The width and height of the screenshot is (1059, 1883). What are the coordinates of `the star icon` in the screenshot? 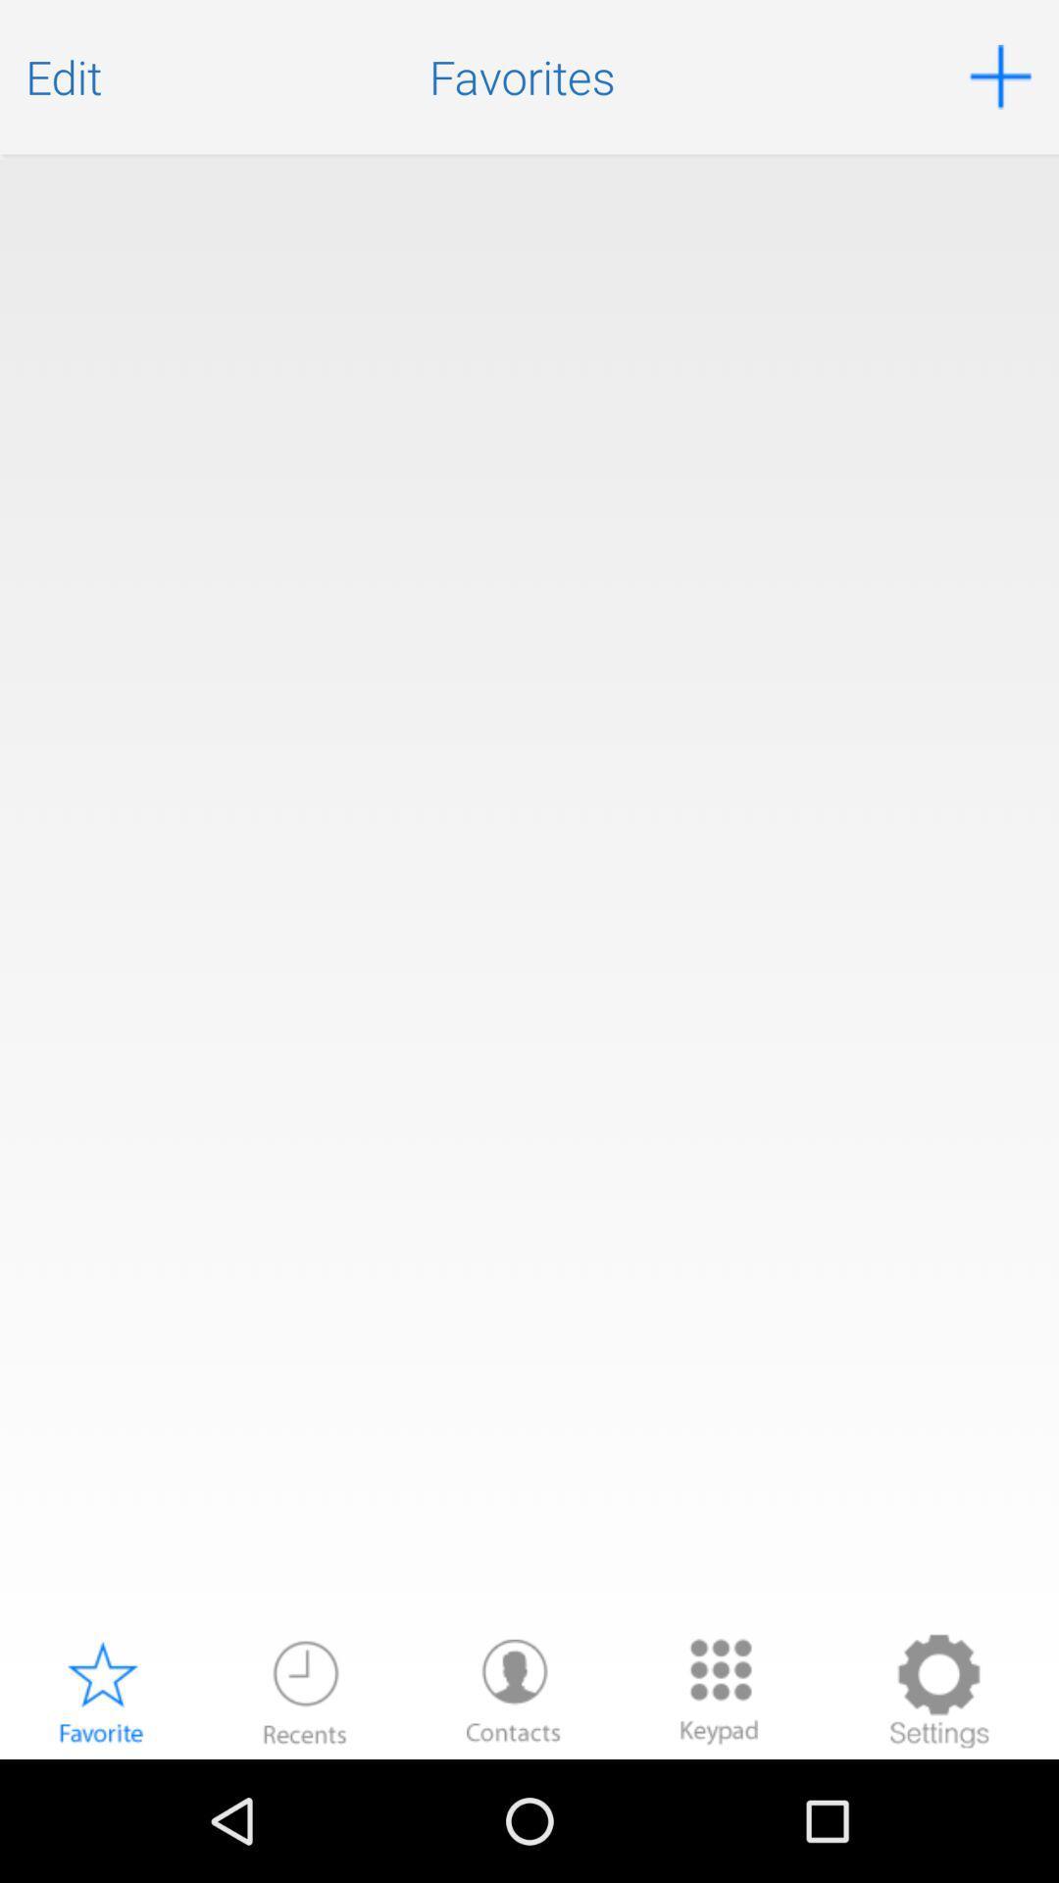 It's located at (101, 1808).